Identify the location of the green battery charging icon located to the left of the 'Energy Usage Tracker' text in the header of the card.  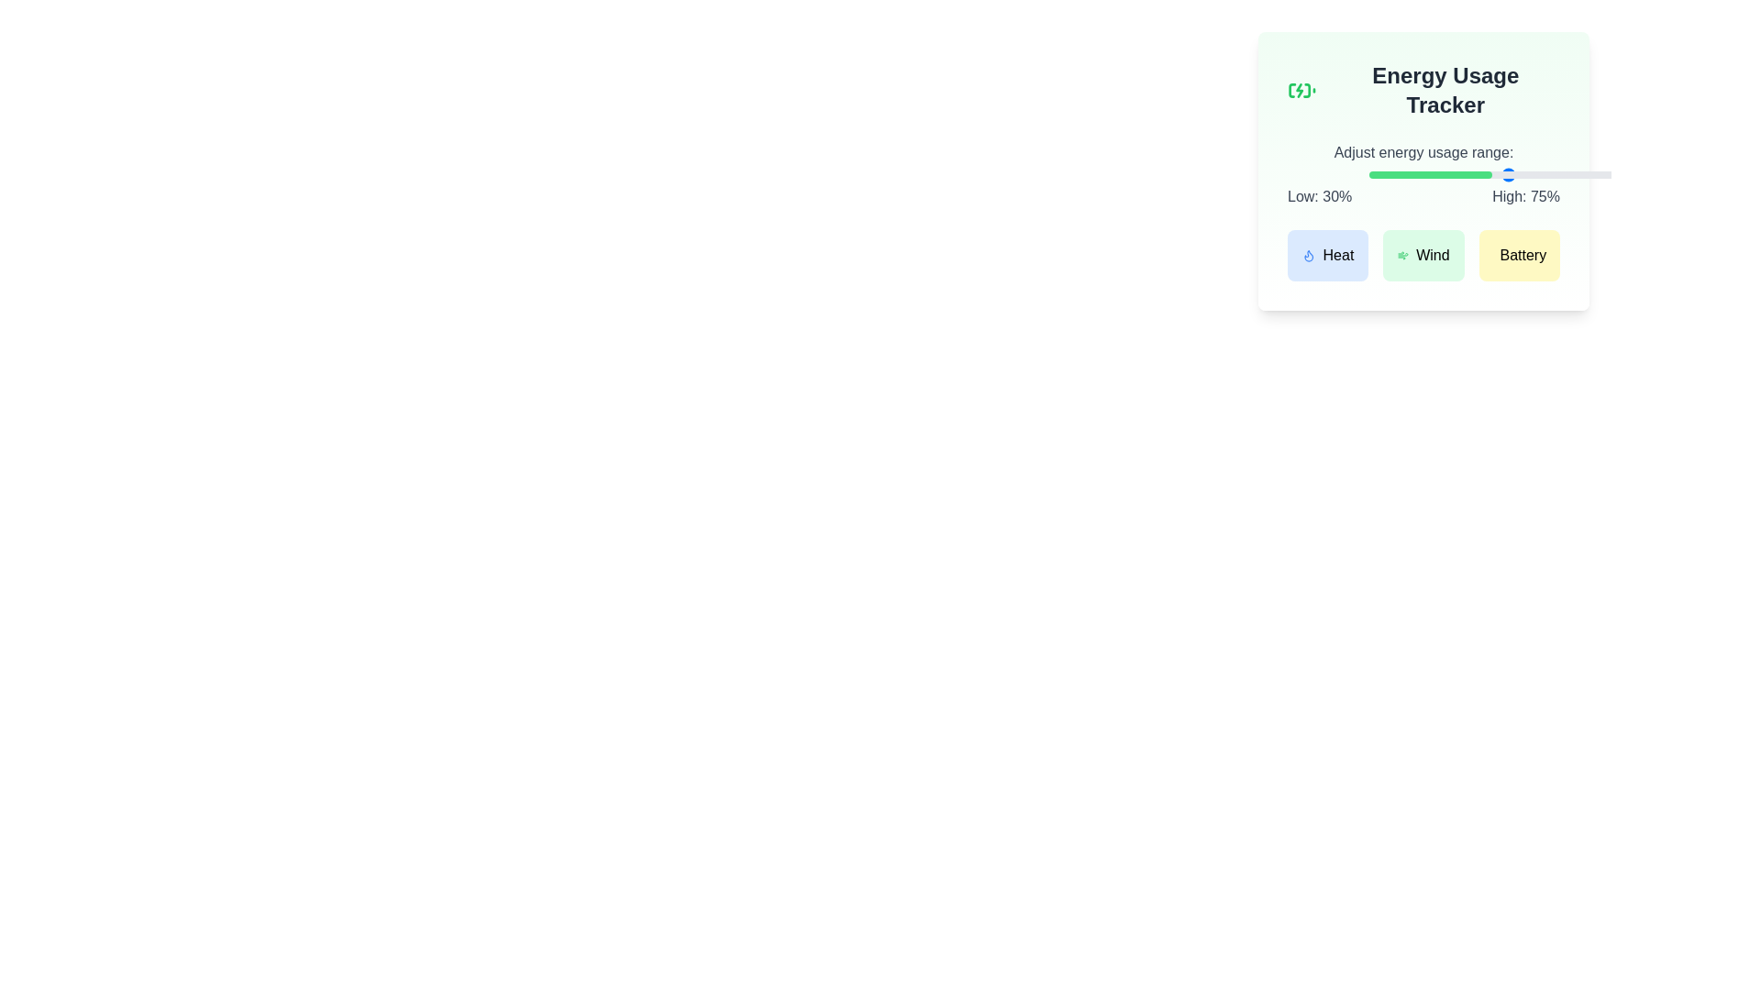
(1301, 91).